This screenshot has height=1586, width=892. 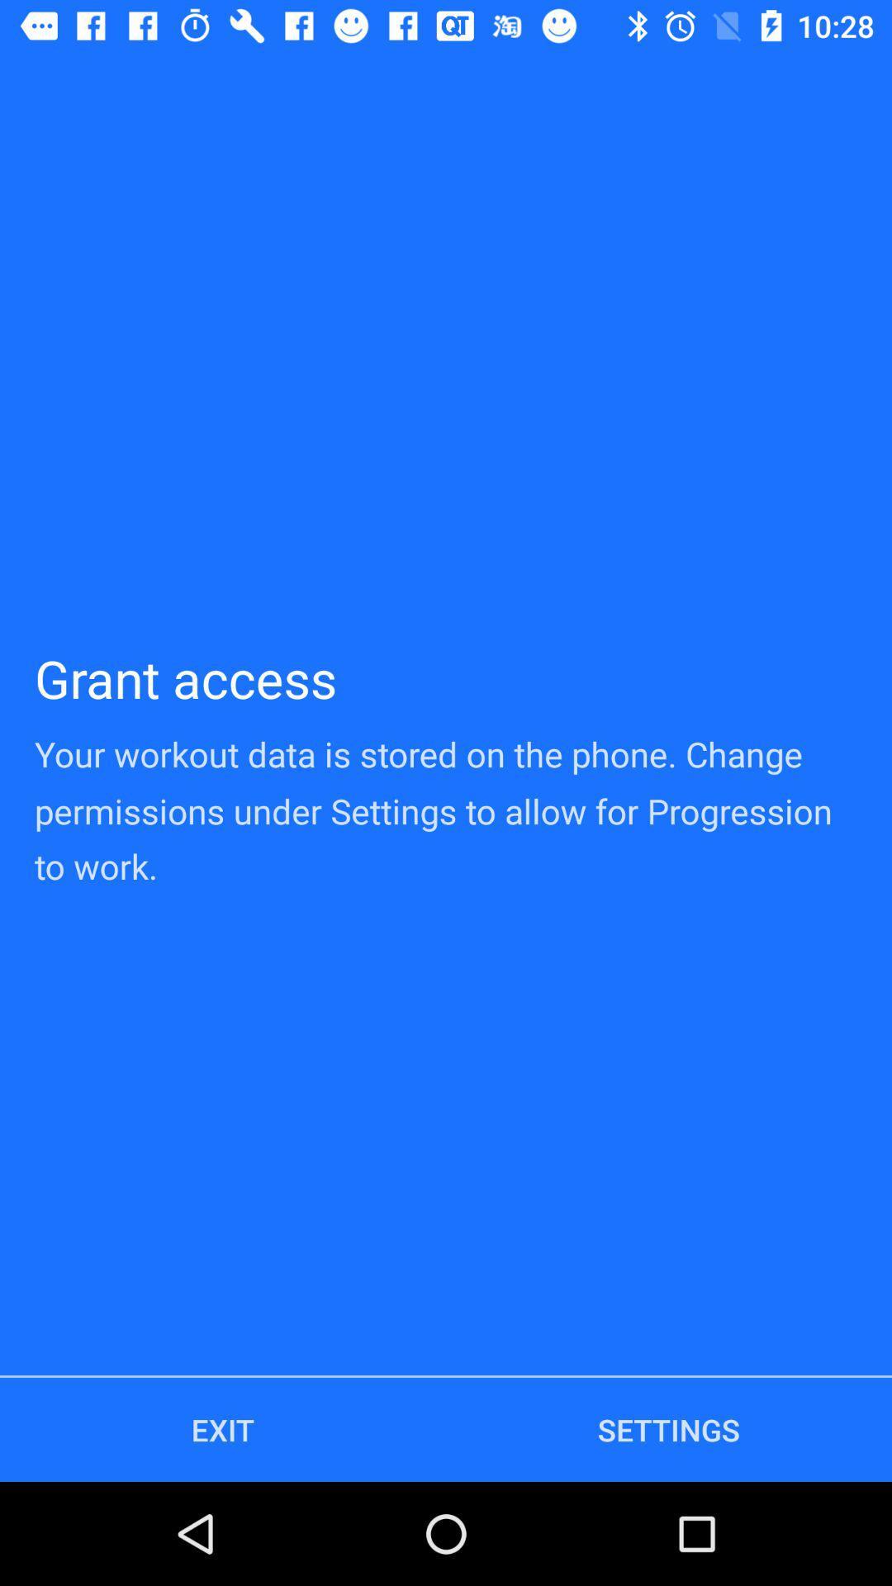 What do you see at coordinates (223, 1429) in the screenshot?
I see `exit icon` at bounding box center [223, 1429].